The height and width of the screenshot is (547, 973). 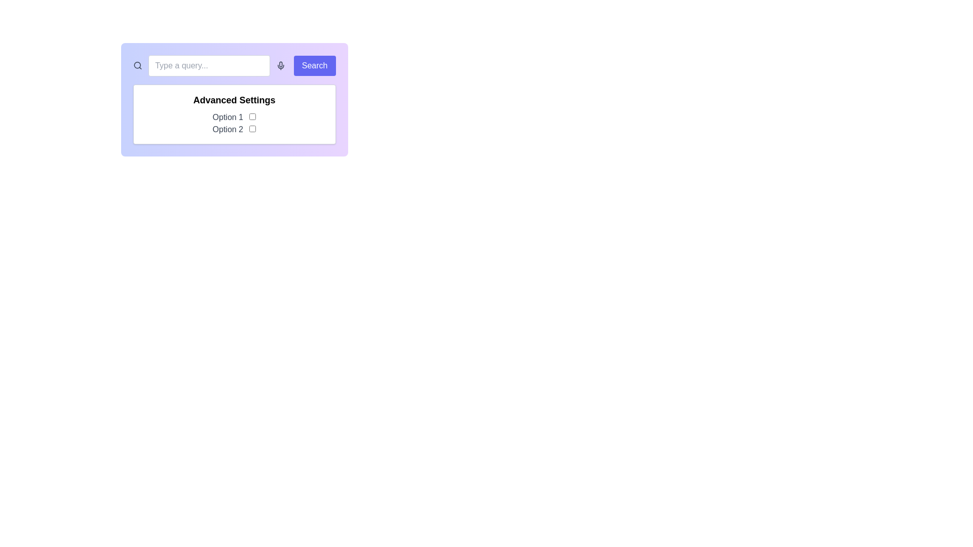 I want to click on the search button located on the right side of the input field, so click(x=314, y=66).